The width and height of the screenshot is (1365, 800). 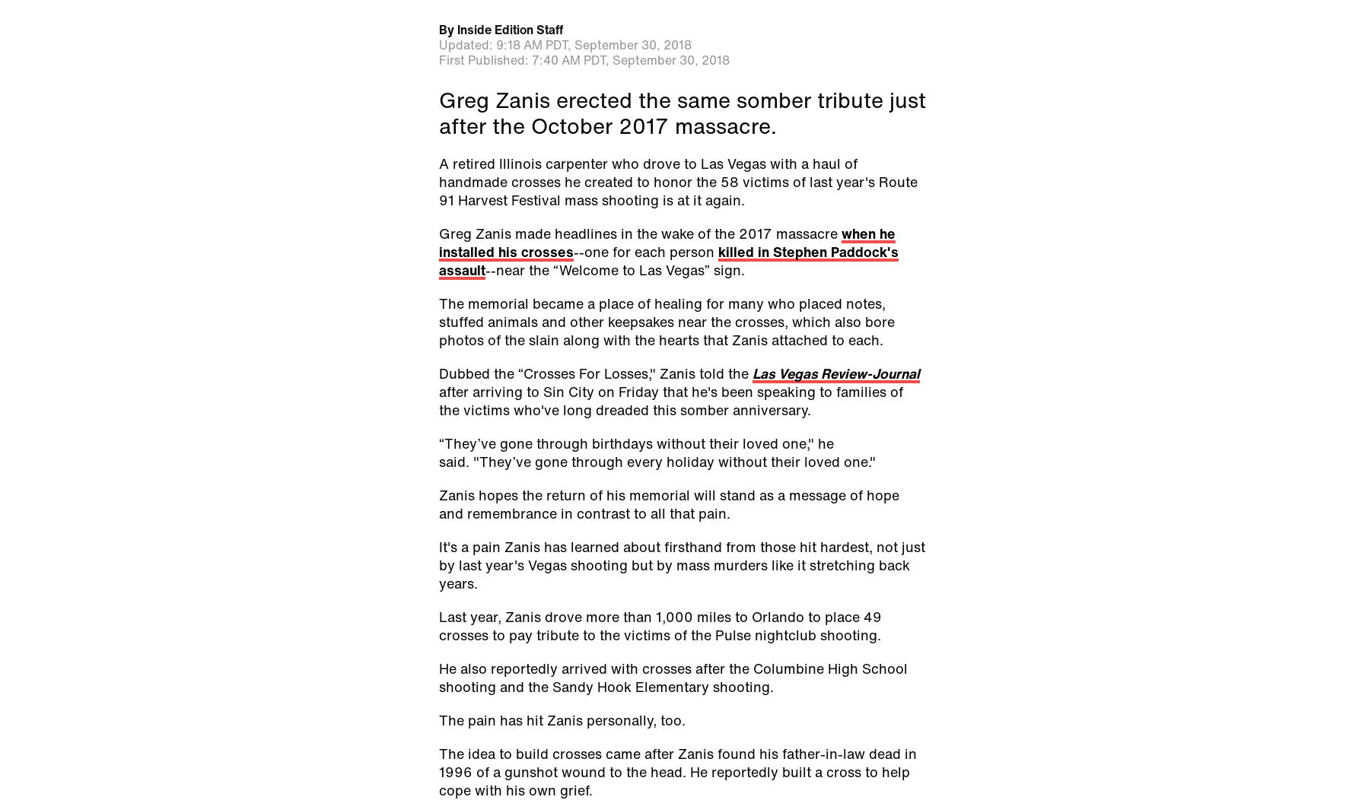 What do you see at coordinates (593, 43) in the screenshot?
I see `'9:18 AM PDT, September 30, 2018'` at bounding box center [593, 43].